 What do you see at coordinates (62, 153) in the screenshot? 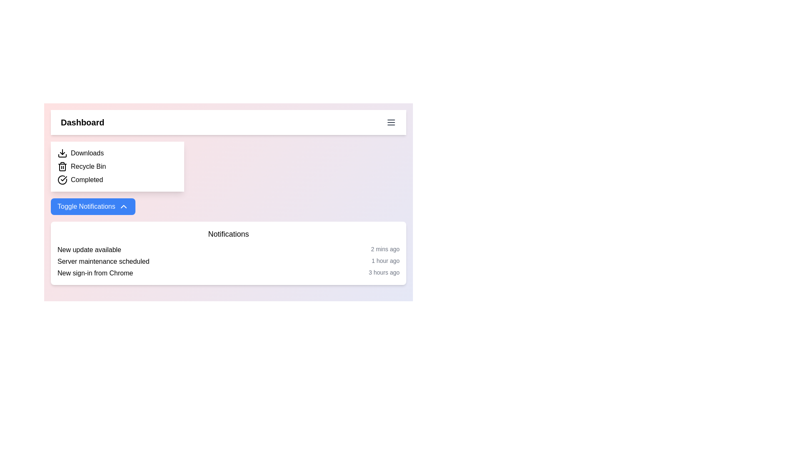
I see `the Downloads icon located in the top-left segment of the menu beneath the 'Dashboard' title` at bounding box center [62, 153].